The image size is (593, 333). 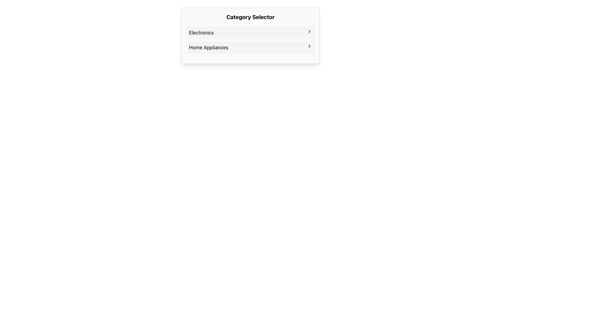 What do you see at coordinates (201, 32) in the screenshot?
I see `the 'Electronics' text label, which serves as a category label in the 'Category Selector' section` at bounding box center [201, 32].